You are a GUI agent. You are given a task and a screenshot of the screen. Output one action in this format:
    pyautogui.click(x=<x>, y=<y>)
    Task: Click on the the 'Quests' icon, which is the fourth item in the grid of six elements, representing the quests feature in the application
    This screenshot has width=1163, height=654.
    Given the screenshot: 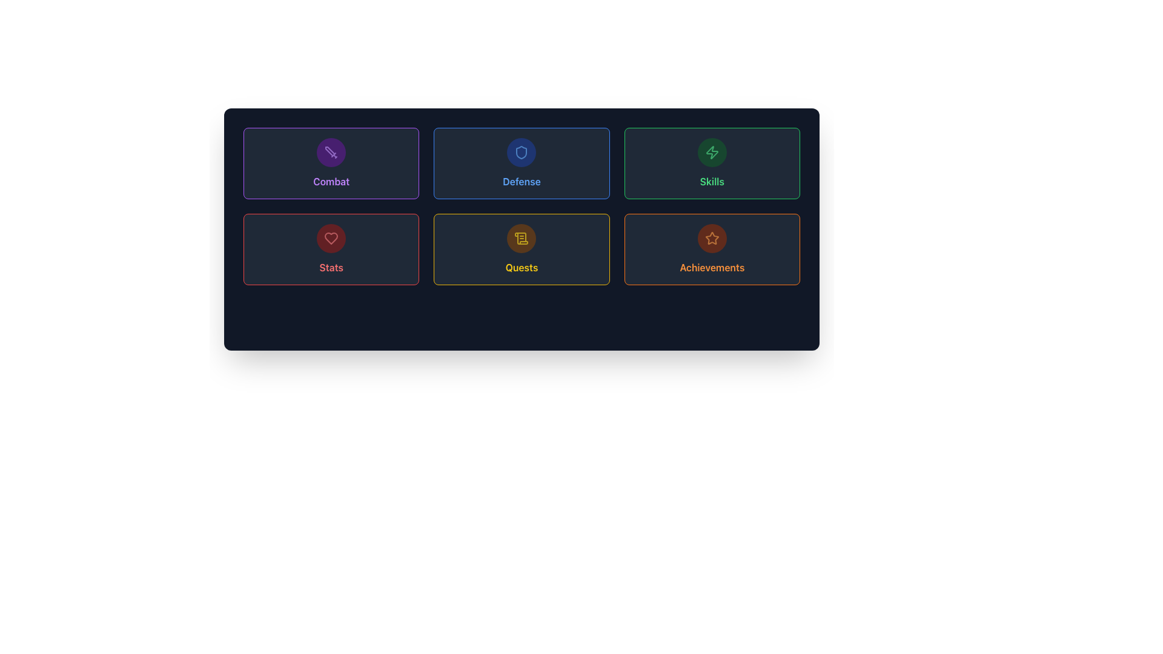 What is the action you would take?
    pyautogui.click(x=522, y=238)
    